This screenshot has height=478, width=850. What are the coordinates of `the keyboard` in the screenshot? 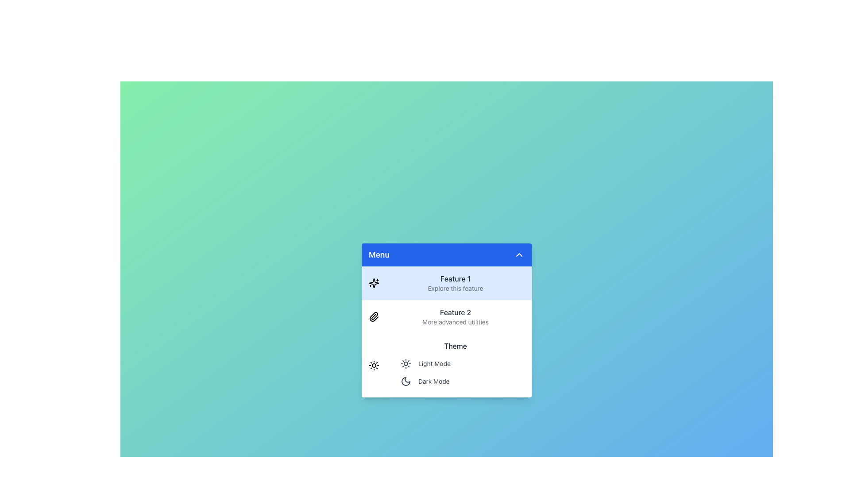 It's located at (460, 372).